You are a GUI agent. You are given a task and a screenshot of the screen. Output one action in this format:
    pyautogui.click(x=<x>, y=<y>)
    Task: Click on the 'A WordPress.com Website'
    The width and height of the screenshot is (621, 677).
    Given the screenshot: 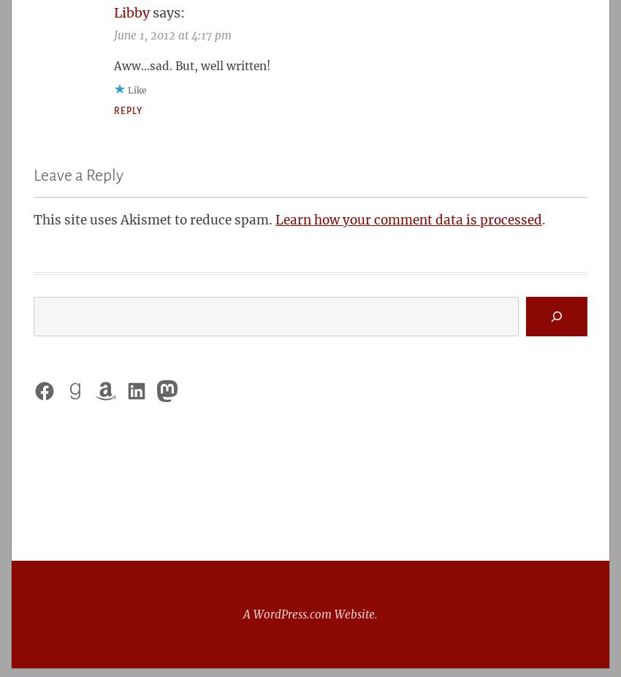 What is the action you would take?
    pyautogui.click(x=243, y=614)
    